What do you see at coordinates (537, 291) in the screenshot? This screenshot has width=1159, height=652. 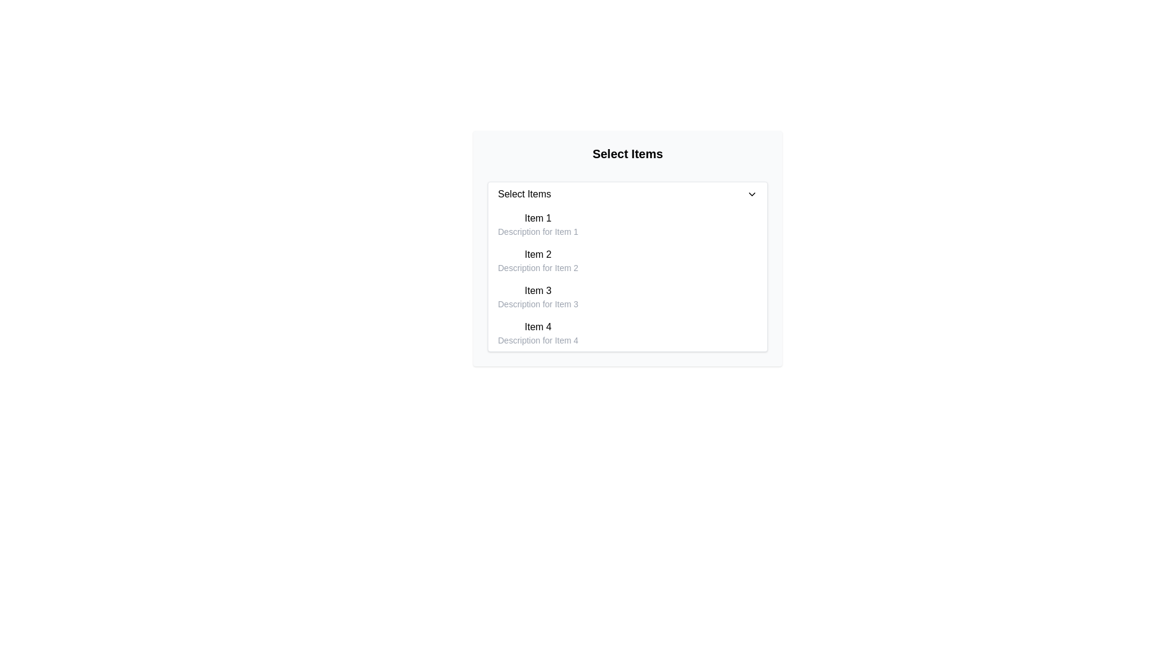 I see `the text label displaying 'Item 3', which is positioned above the description text for 'Item 3'` at bounding box center [537, 291].